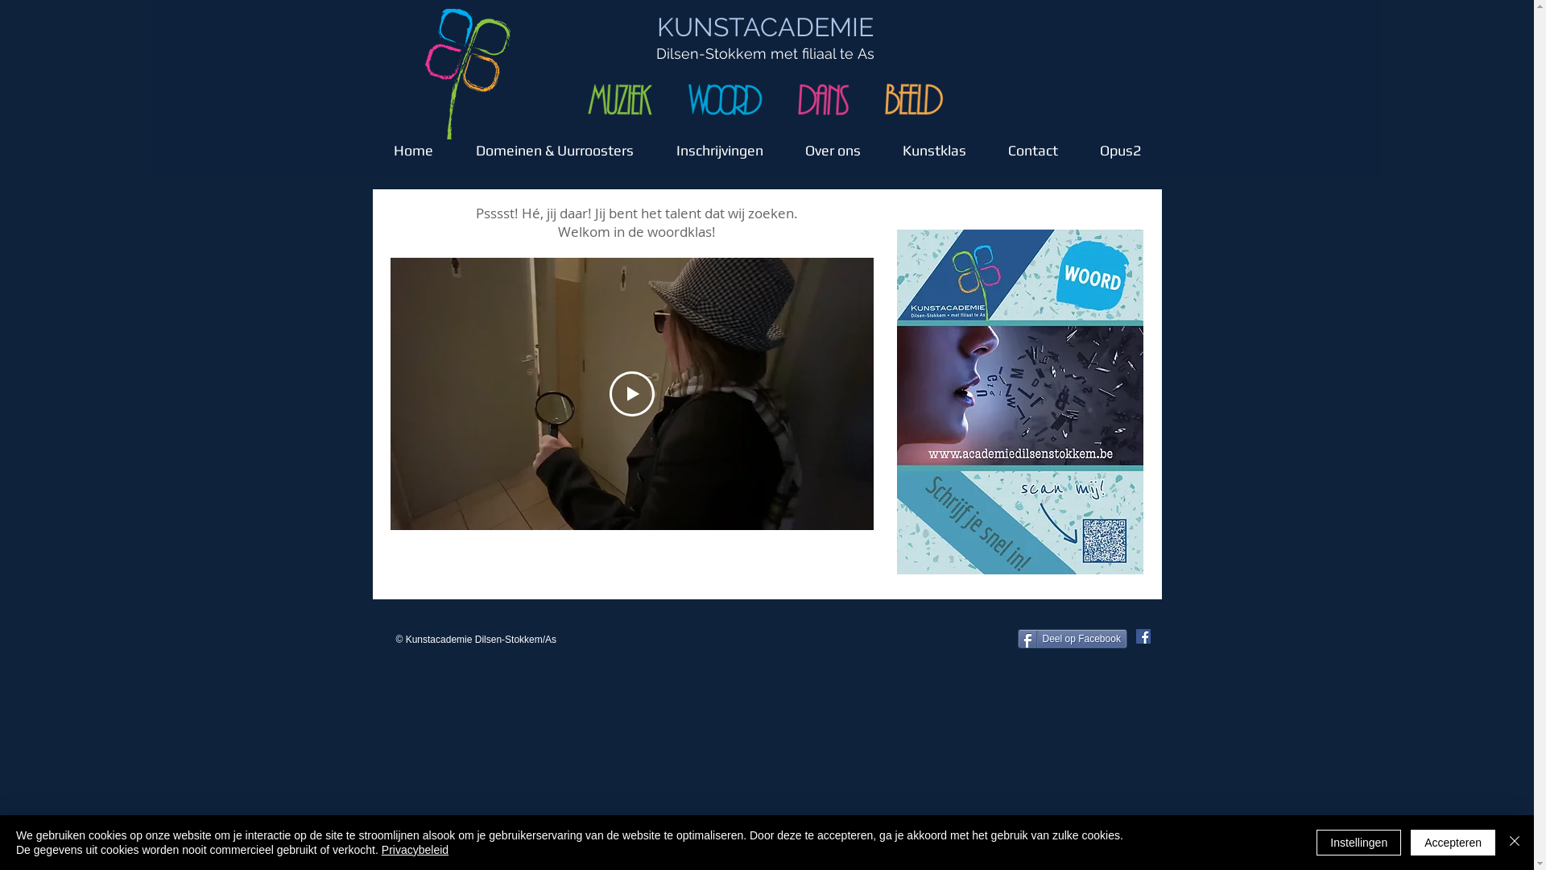 The height and width of the screenshot is (870, 1546). Describe the element at coordinates (1119, 142) in the screenshot. I see `'Opus2'` at that location.